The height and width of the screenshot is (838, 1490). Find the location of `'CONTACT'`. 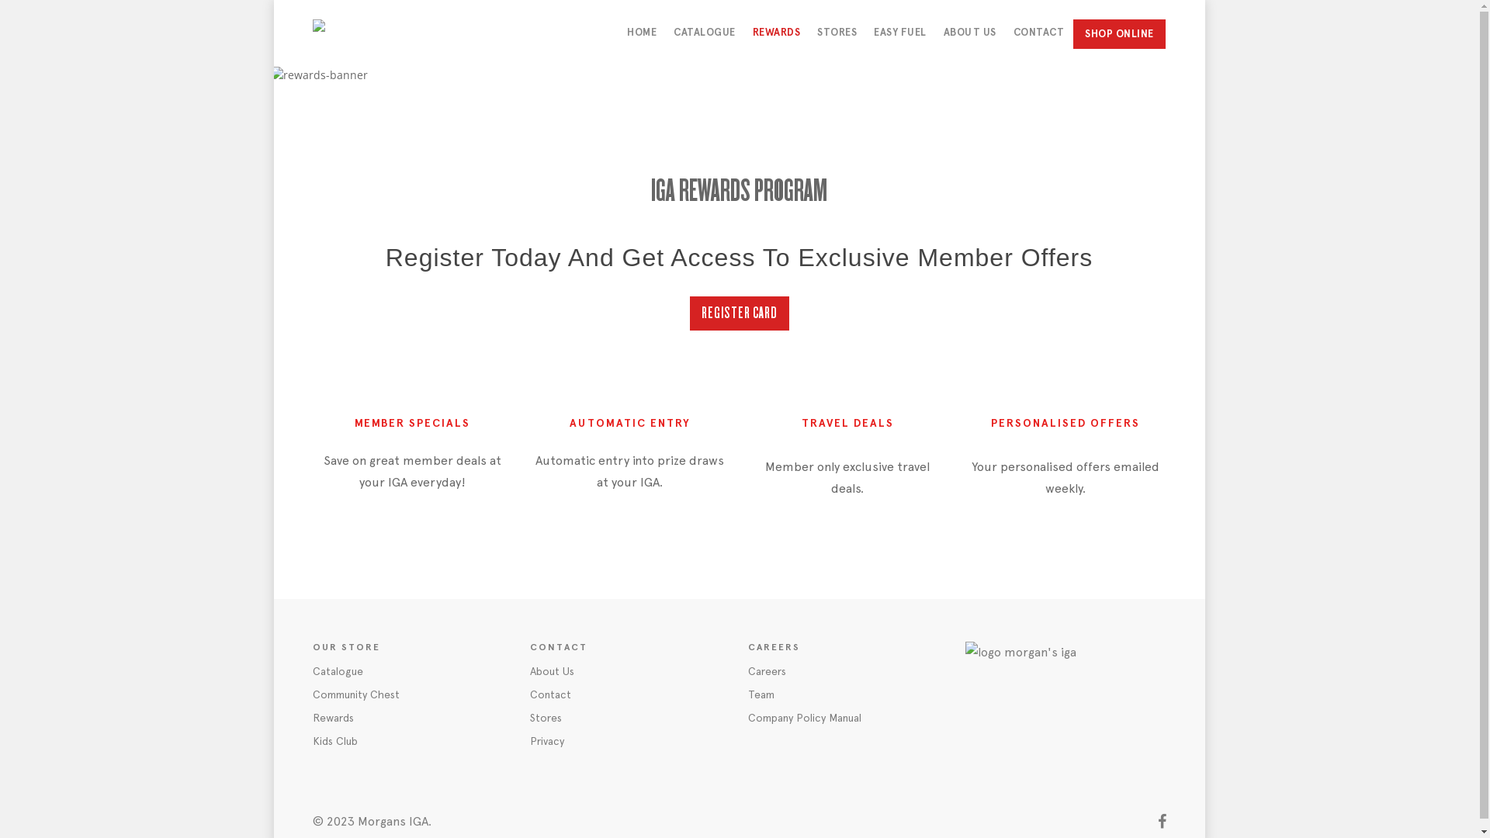

'CONTACT' is located at coordinates (1039, 41).